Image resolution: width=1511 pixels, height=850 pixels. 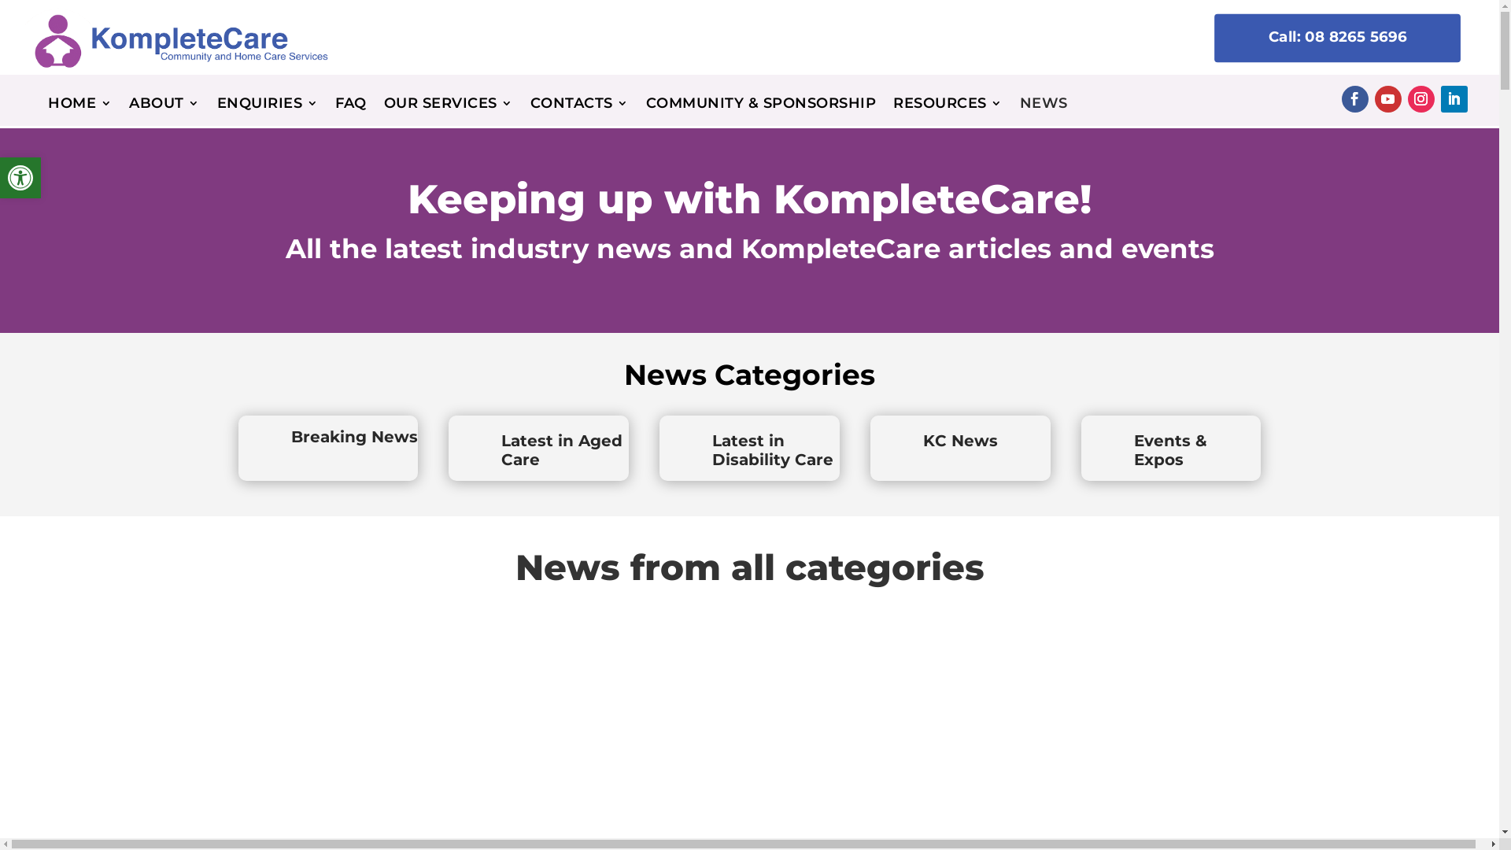 I want to click on 'CONTACTS', so click(x=578, y=106).